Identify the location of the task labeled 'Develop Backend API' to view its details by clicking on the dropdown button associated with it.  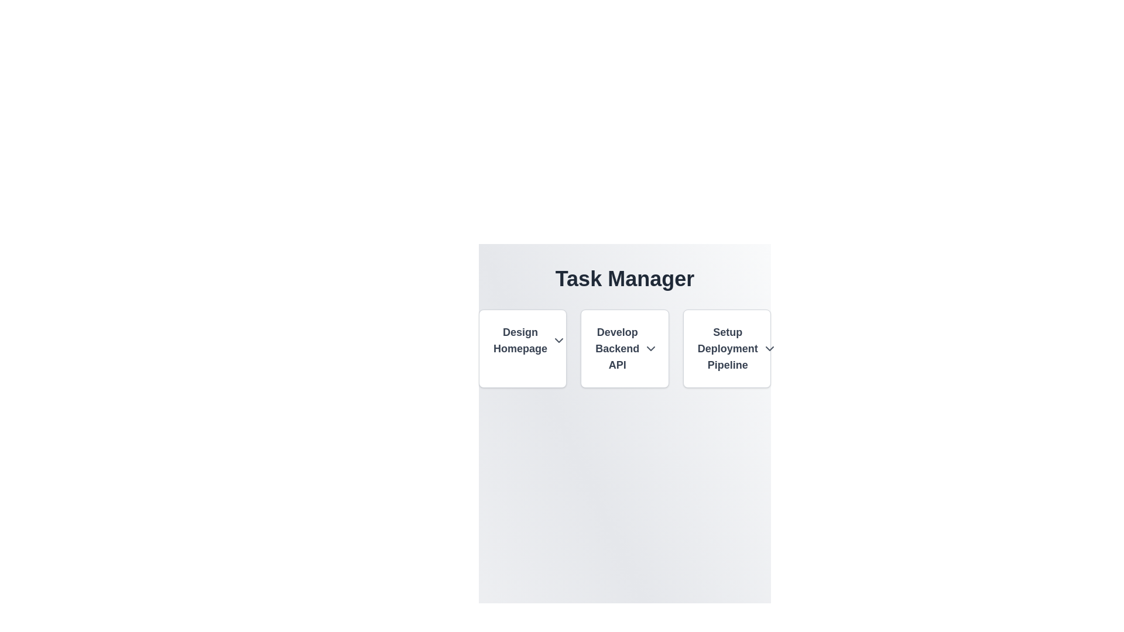
(624, 348).